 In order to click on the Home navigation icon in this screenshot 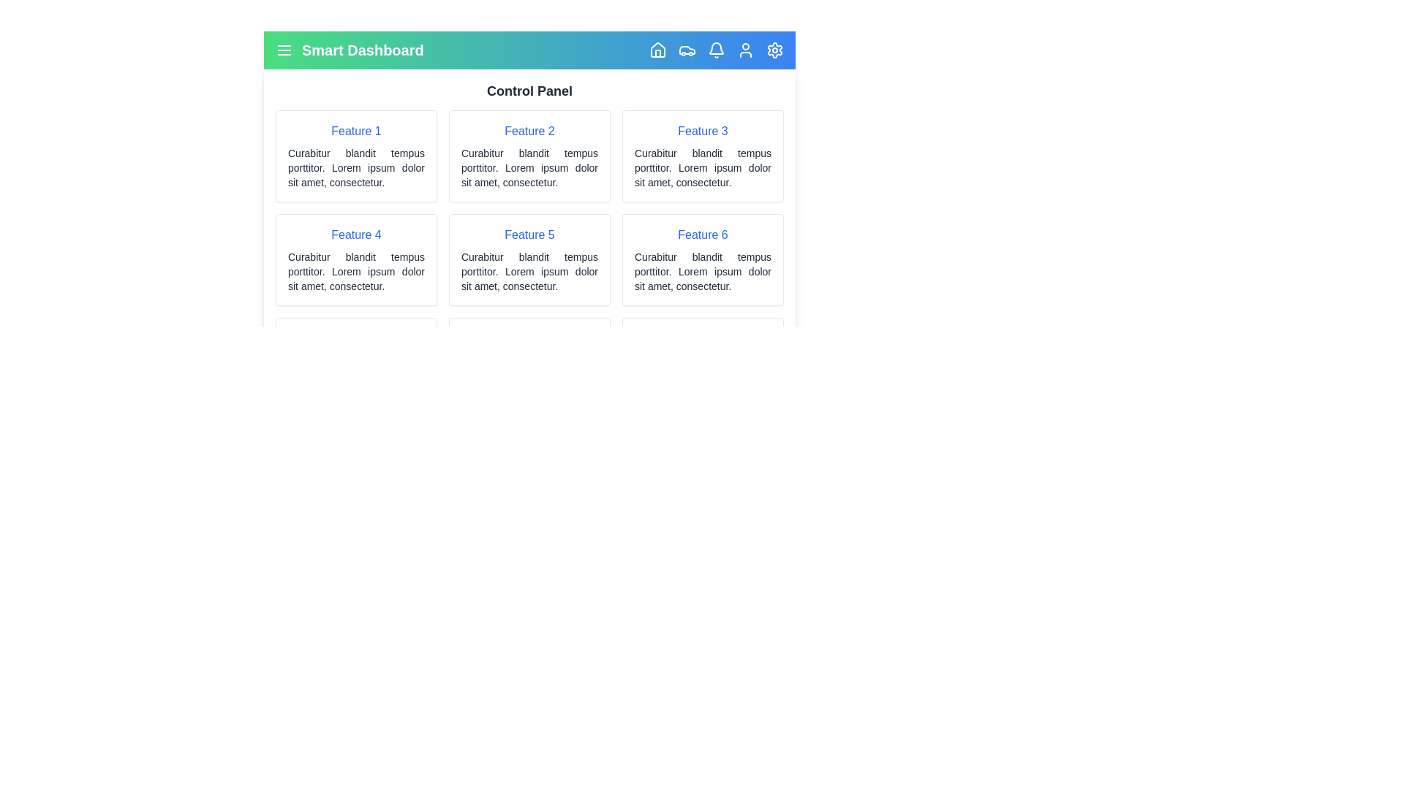, I will do `click(657, 50)`.